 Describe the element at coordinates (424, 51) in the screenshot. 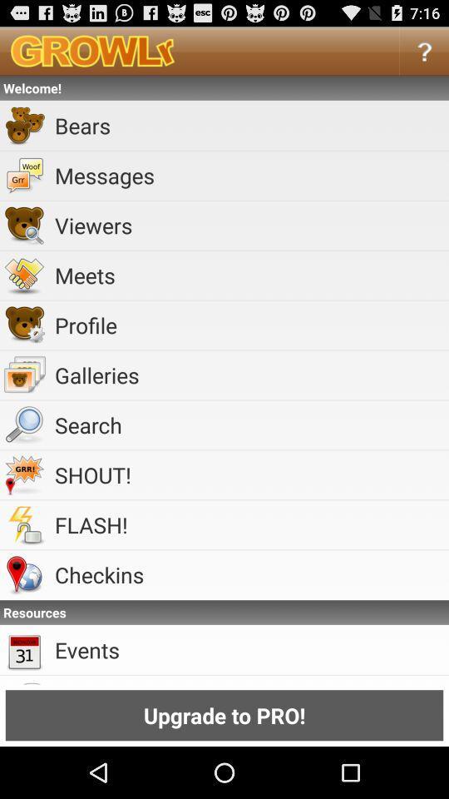

I see `switch help option` at that location.